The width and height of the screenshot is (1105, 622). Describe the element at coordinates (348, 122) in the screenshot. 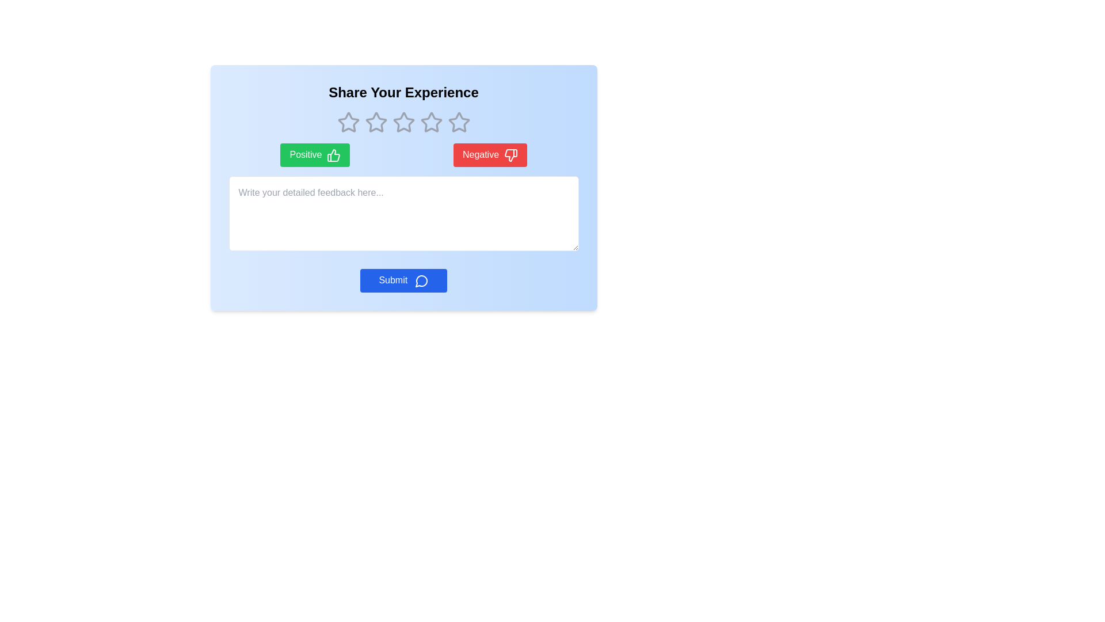

I see `the first gray star icon in the sequence of rating icons below the 'Share Your Experience' label` at that location.